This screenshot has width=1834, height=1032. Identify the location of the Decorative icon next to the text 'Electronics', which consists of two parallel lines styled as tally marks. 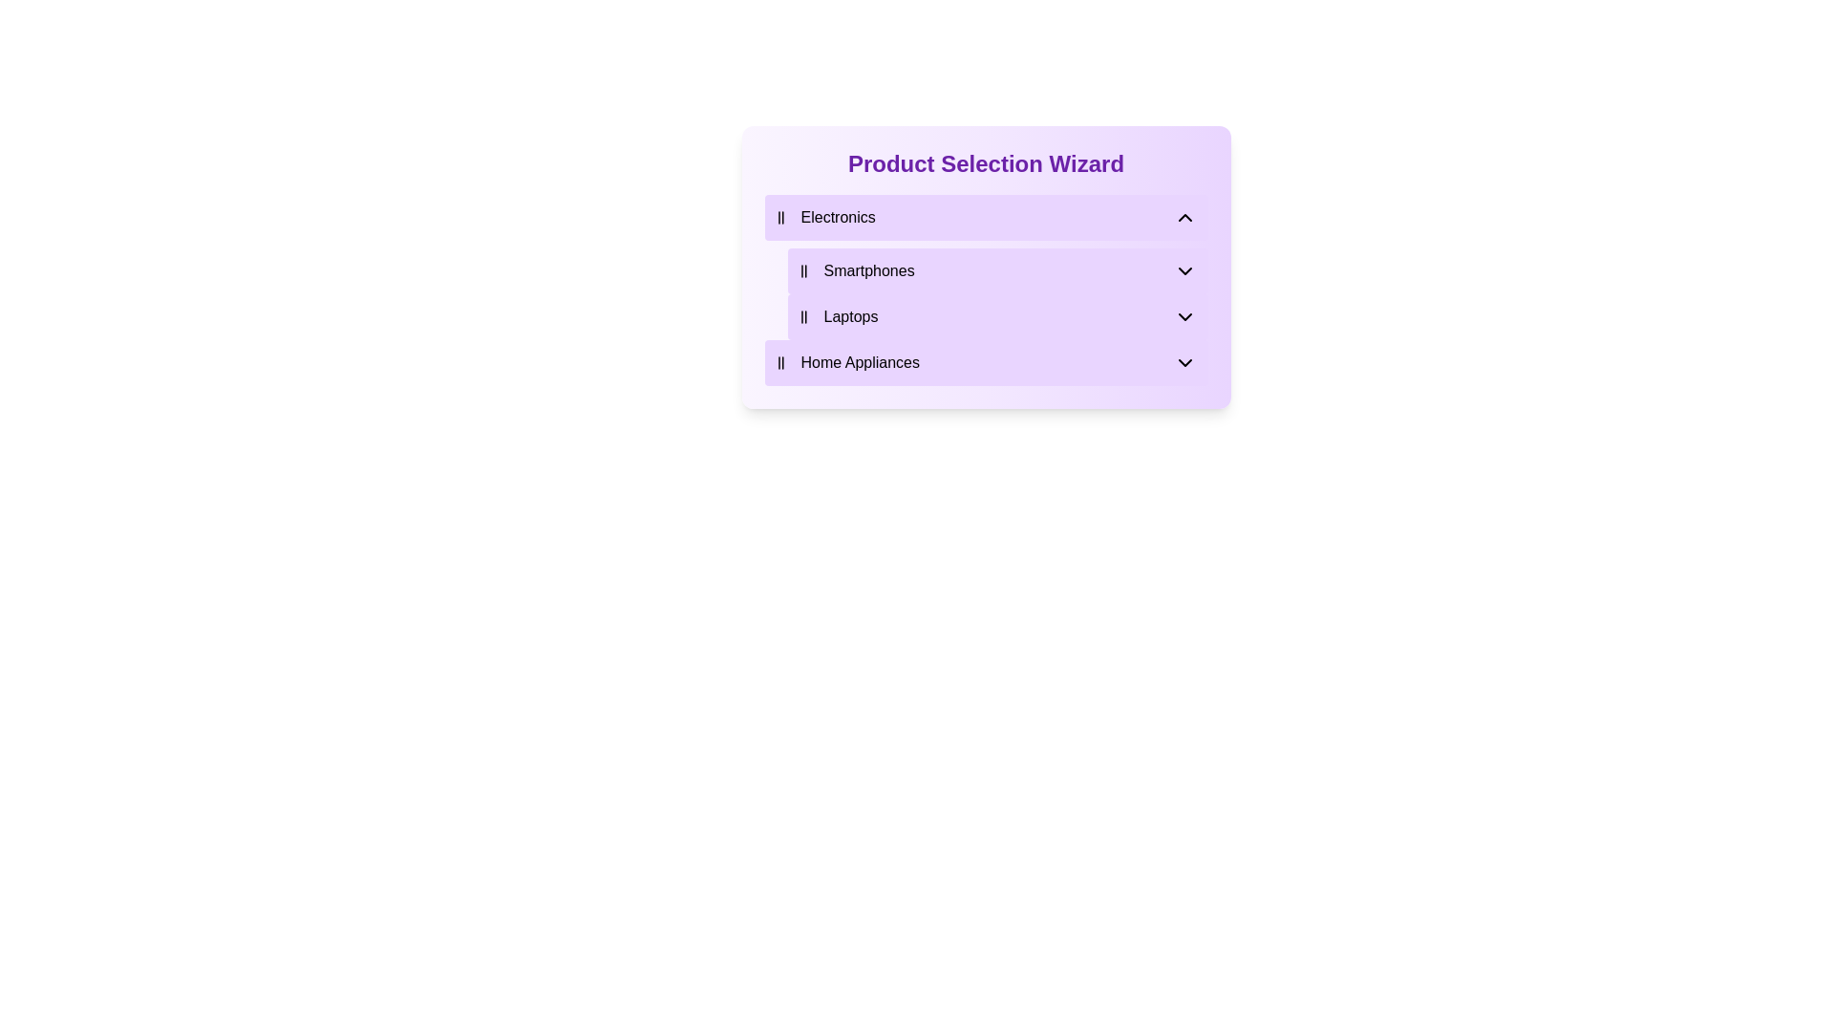
(784, 216).